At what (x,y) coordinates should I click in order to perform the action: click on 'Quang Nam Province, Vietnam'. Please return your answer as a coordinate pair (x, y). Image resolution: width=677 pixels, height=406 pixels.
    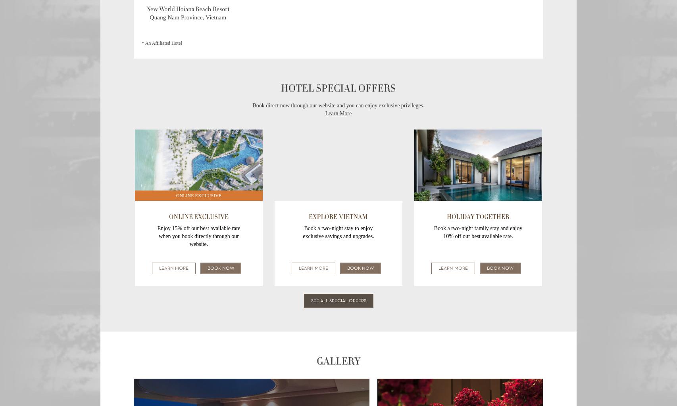
    Looking at the image, I should click on (187, 17).